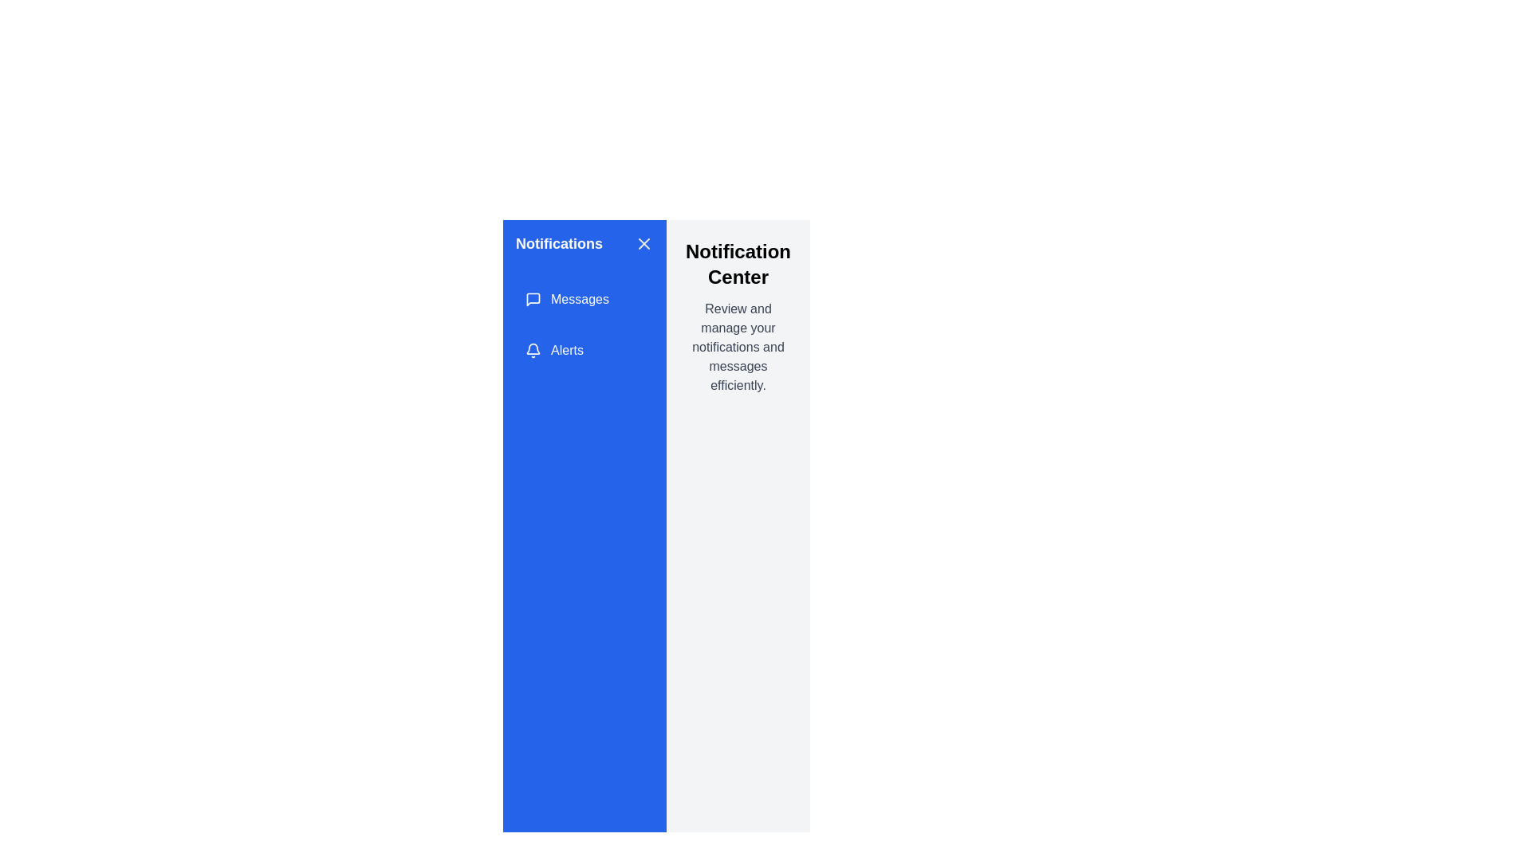 Image resolution: width=1531 pixels, height=861 pixels. What do you see at coordinates (533, 348) in the screenshot?
I see `the blue bell-shaped notification icon located in the vertical menu on the left side of the application interface, beneath the 'Notifications' header` at bounding box center [533, 348].